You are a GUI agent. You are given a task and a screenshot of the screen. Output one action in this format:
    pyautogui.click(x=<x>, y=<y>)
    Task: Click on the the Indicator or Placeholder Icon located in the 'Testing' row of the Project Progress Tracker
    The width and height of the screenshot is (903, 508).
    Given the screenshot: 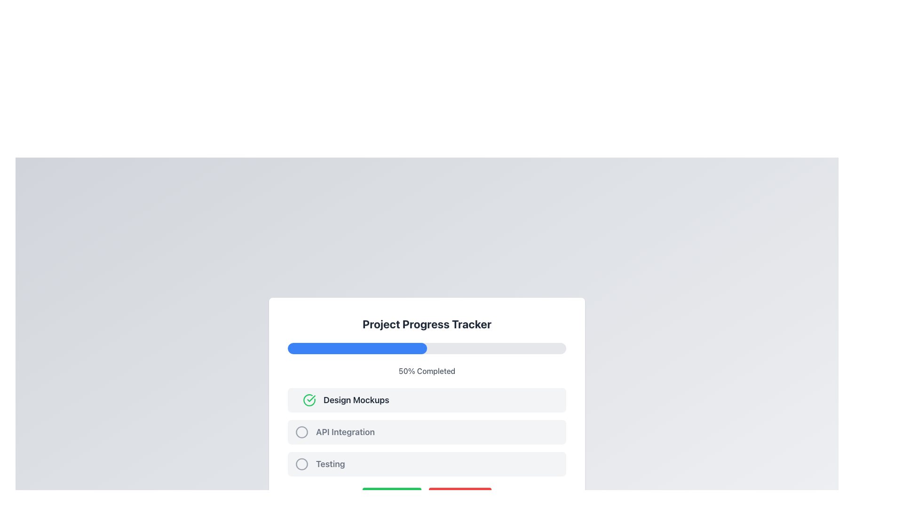 What is the action you would take?
    pyautogui.click(x=302, y=464)
    